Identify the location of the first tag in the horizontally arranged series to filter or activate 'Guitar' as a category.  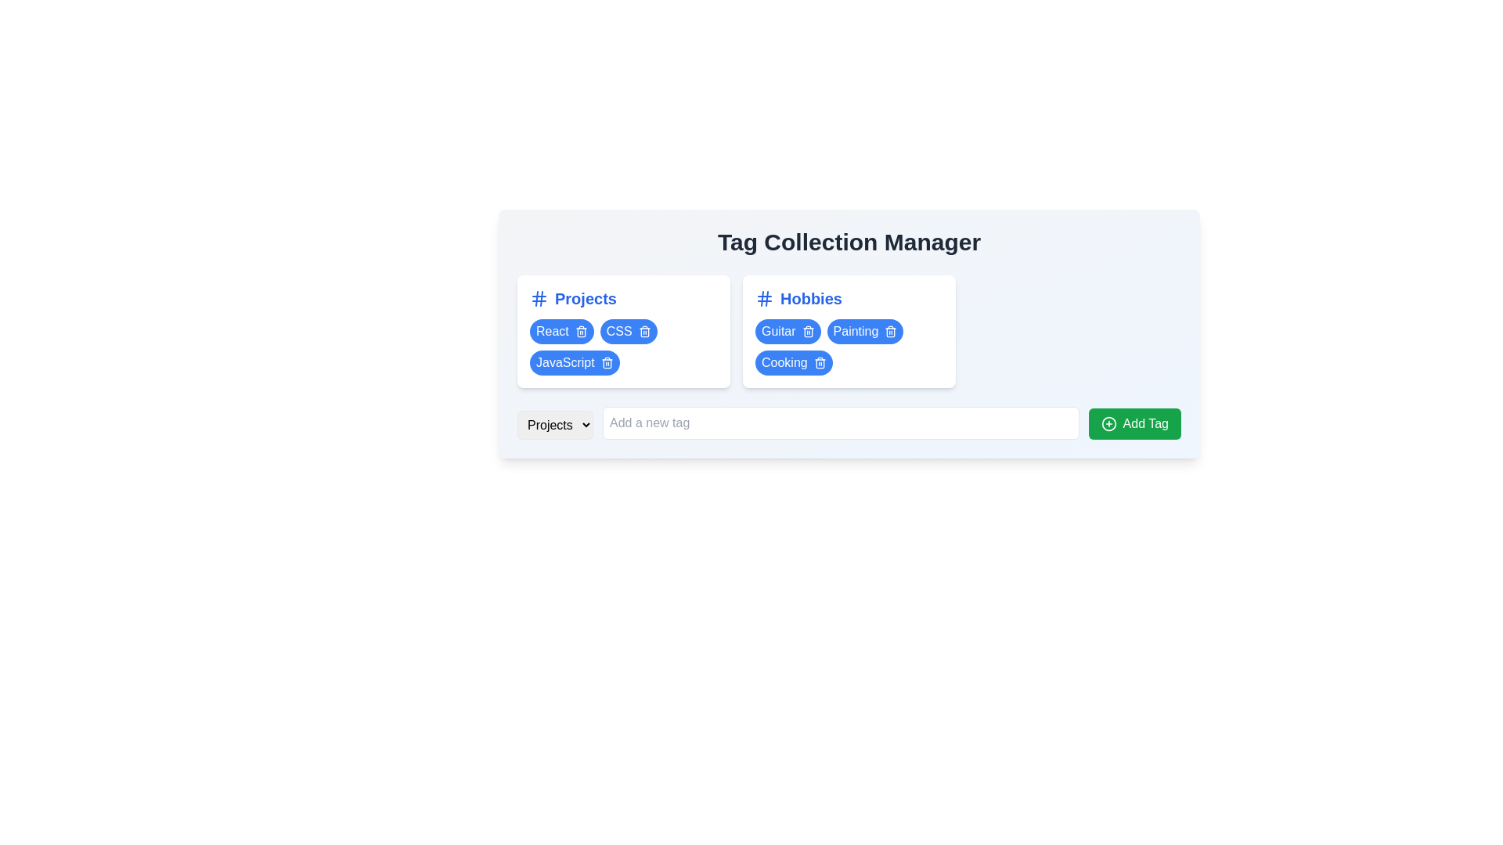
(788, 331).